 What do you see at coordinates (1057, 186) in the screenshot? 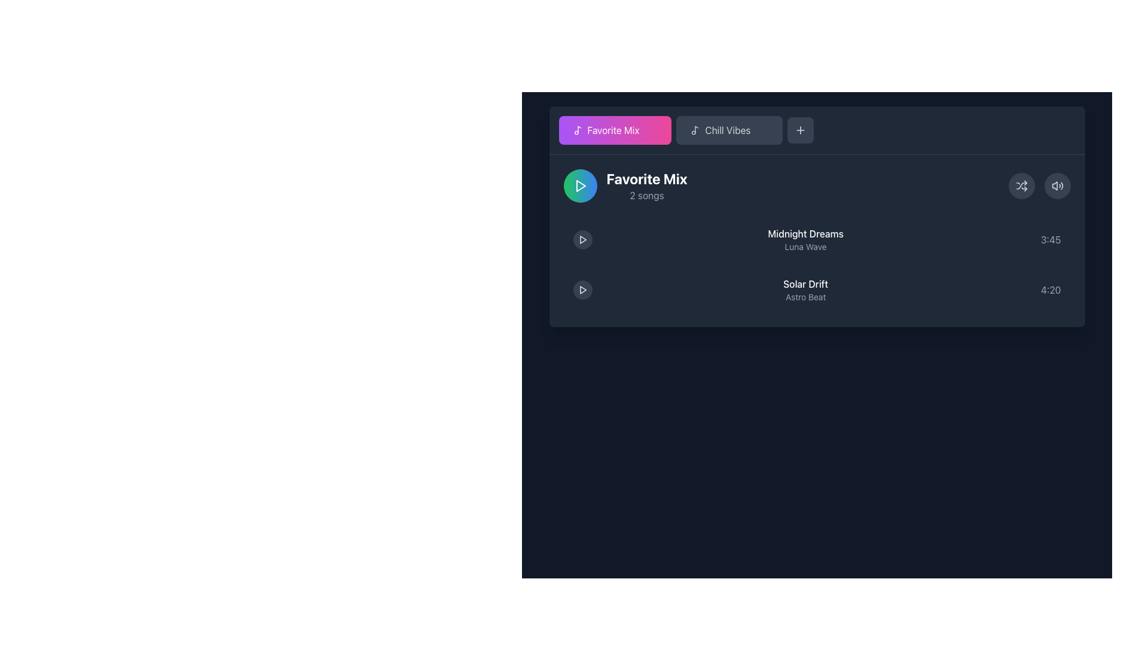
I see `the Sound control icon, which is a gray speaker symbol with sound waves, to adjust the sound settings` at bounding box center [1057, 186].